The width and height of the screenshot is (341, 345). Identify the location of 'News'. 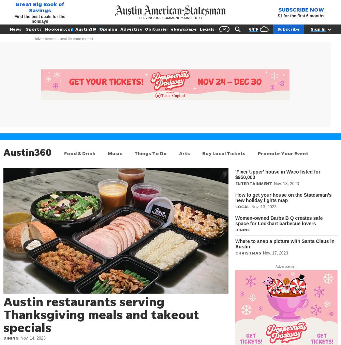
(16, 29).